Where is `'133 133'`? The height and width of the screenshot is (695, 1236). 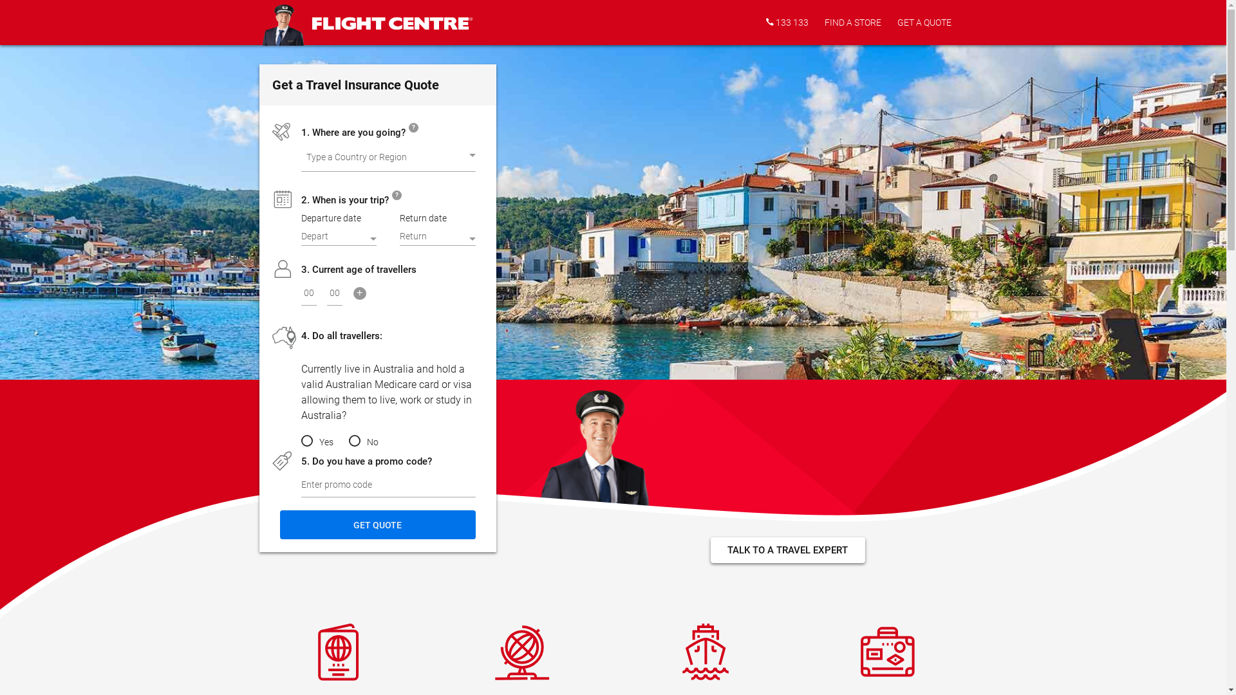
'133 133' is located at coordinates (787, 22).